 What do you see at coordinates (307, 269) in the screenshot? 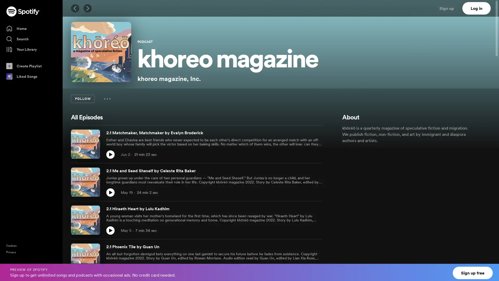
I see `Share` at bounding box center [307, 269].